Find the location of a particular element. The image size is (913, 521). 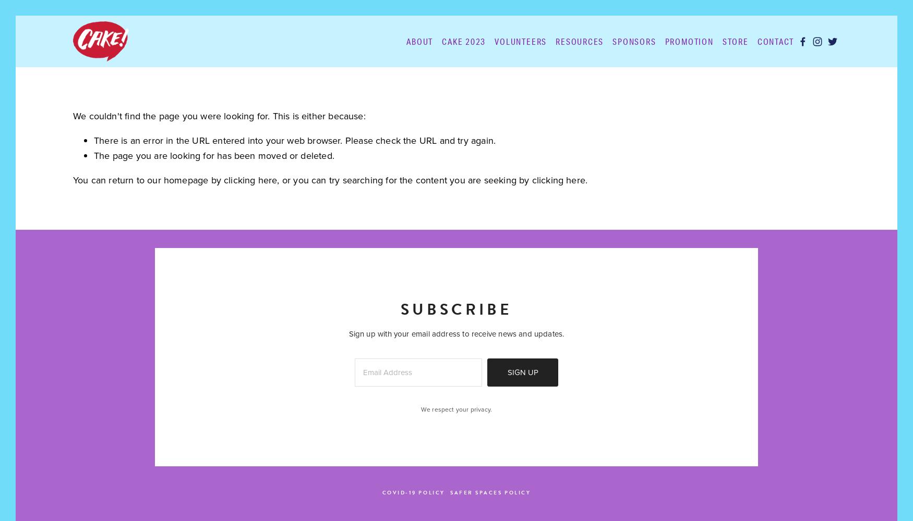

'Resources' is located at coordinates (580, 40).